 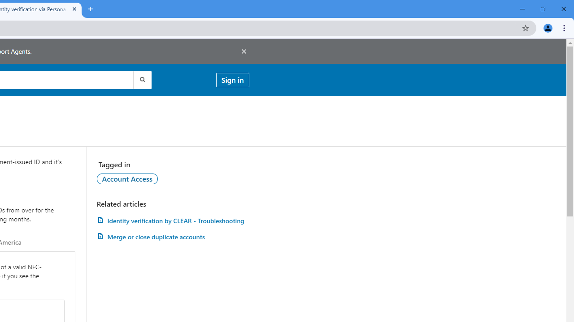 I want to click on 'Submit search', so click(x=141, y=79).